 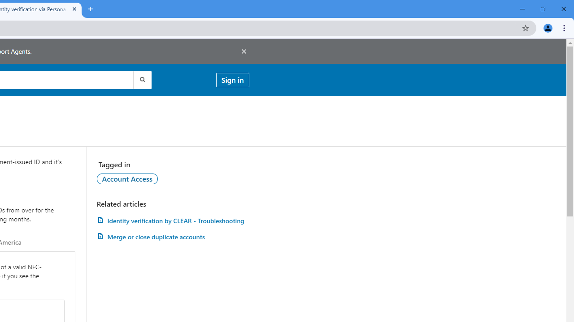 I want to click on 'Submit search', so click(x=141, y=79).